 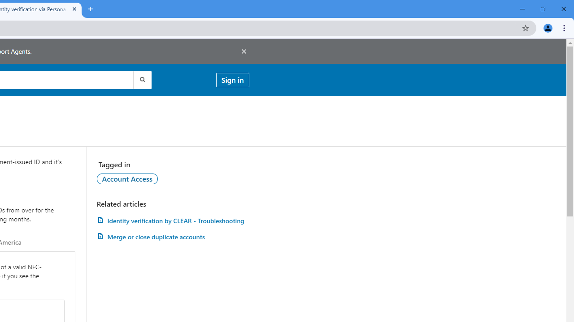 I want to click on 'Submit search', so click(x=141, y=79).